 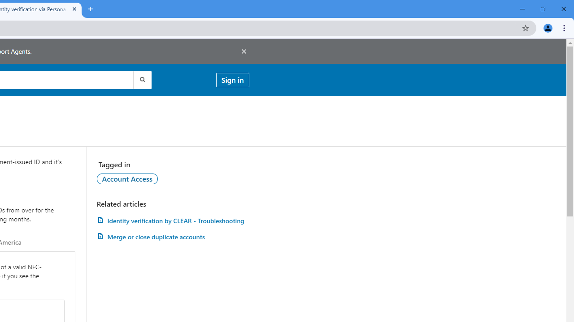 I want to click on 'Submit search', so click(x=141, y=79).